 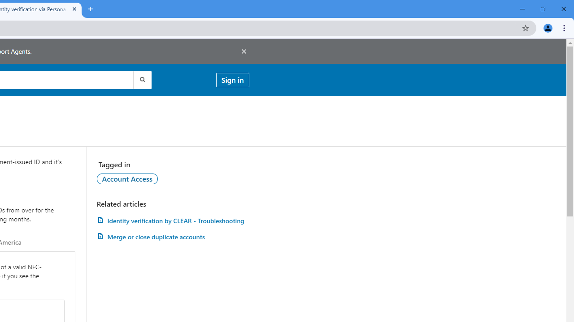 I want to click on 'Submit search', so click(x=141, y=79).